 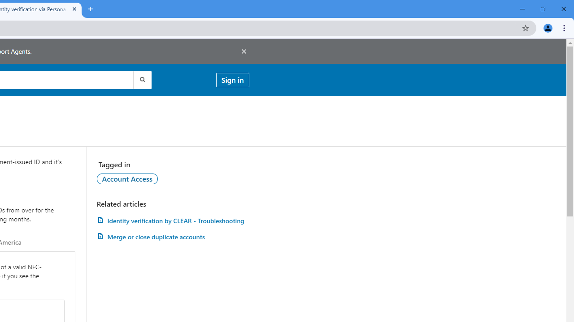 I want to click on 'Submit search', so click(x=141, y=79).